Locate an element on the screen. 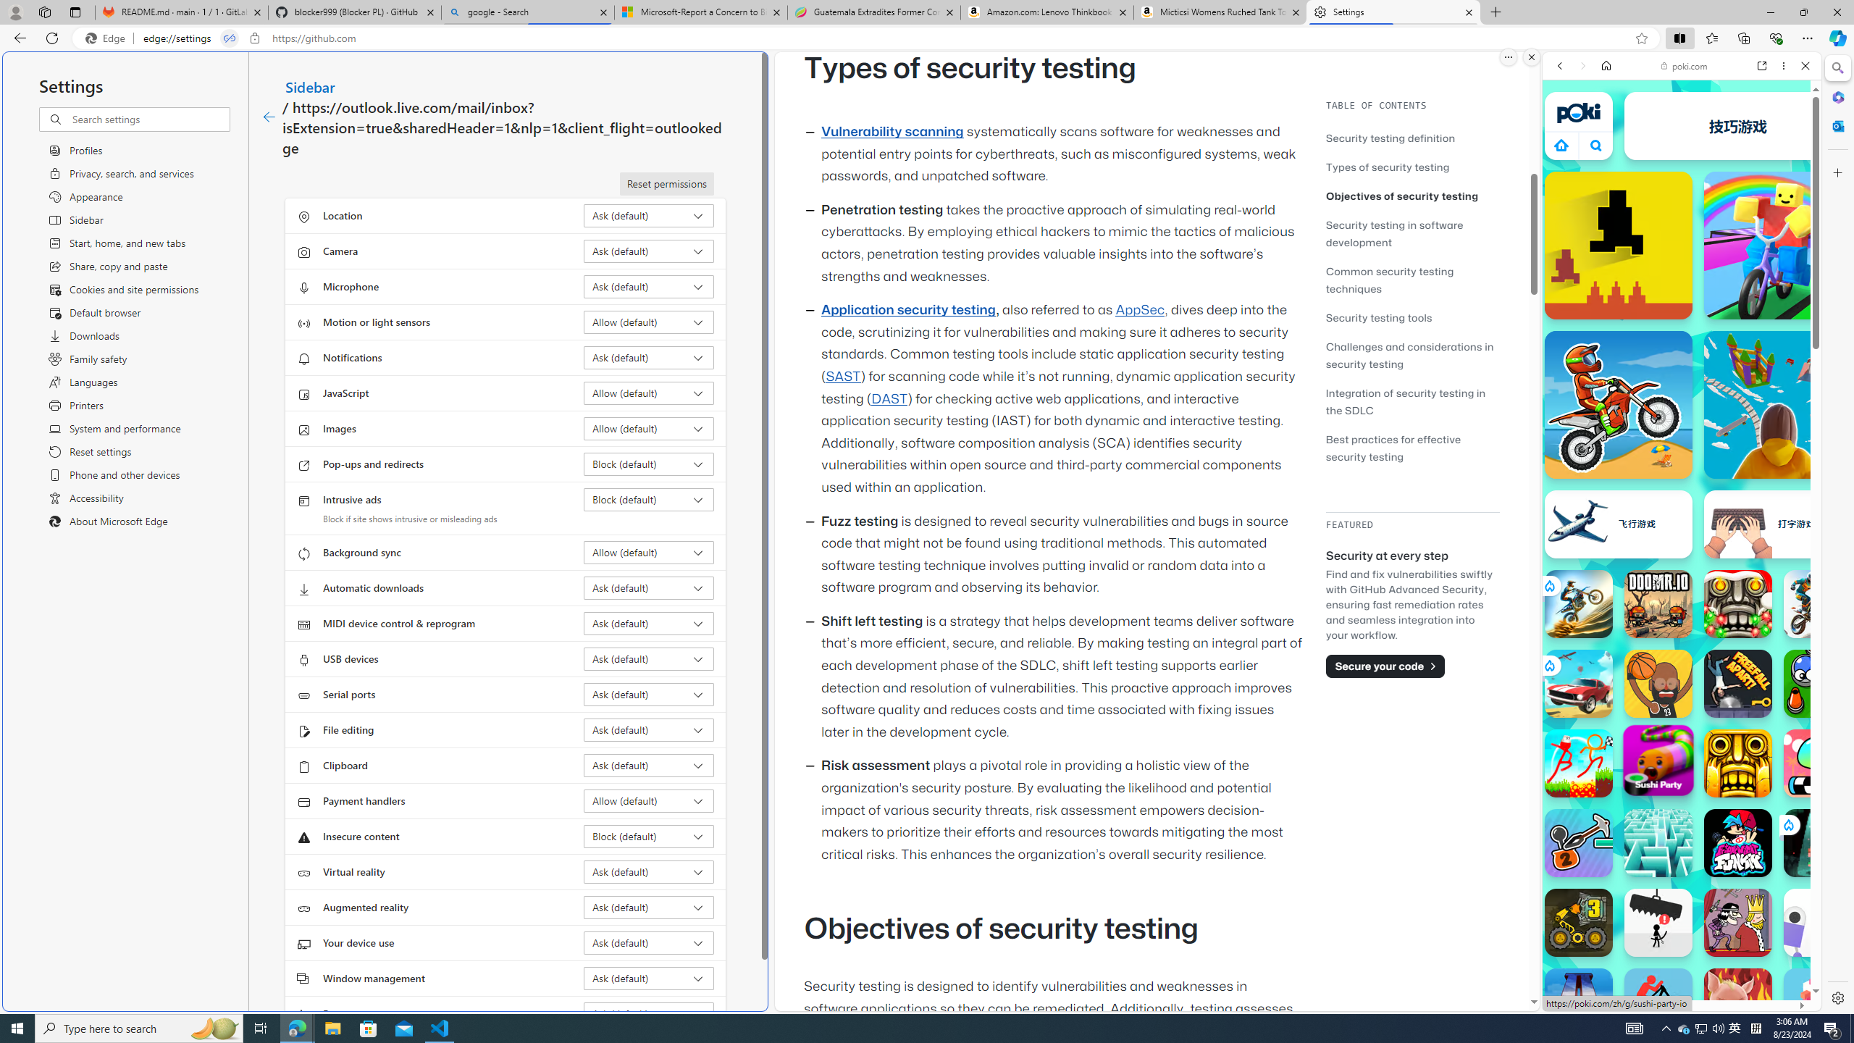 This screenshot has height=1043, width=1854. 'Level Devil' is located at coordinates (1617, 245).